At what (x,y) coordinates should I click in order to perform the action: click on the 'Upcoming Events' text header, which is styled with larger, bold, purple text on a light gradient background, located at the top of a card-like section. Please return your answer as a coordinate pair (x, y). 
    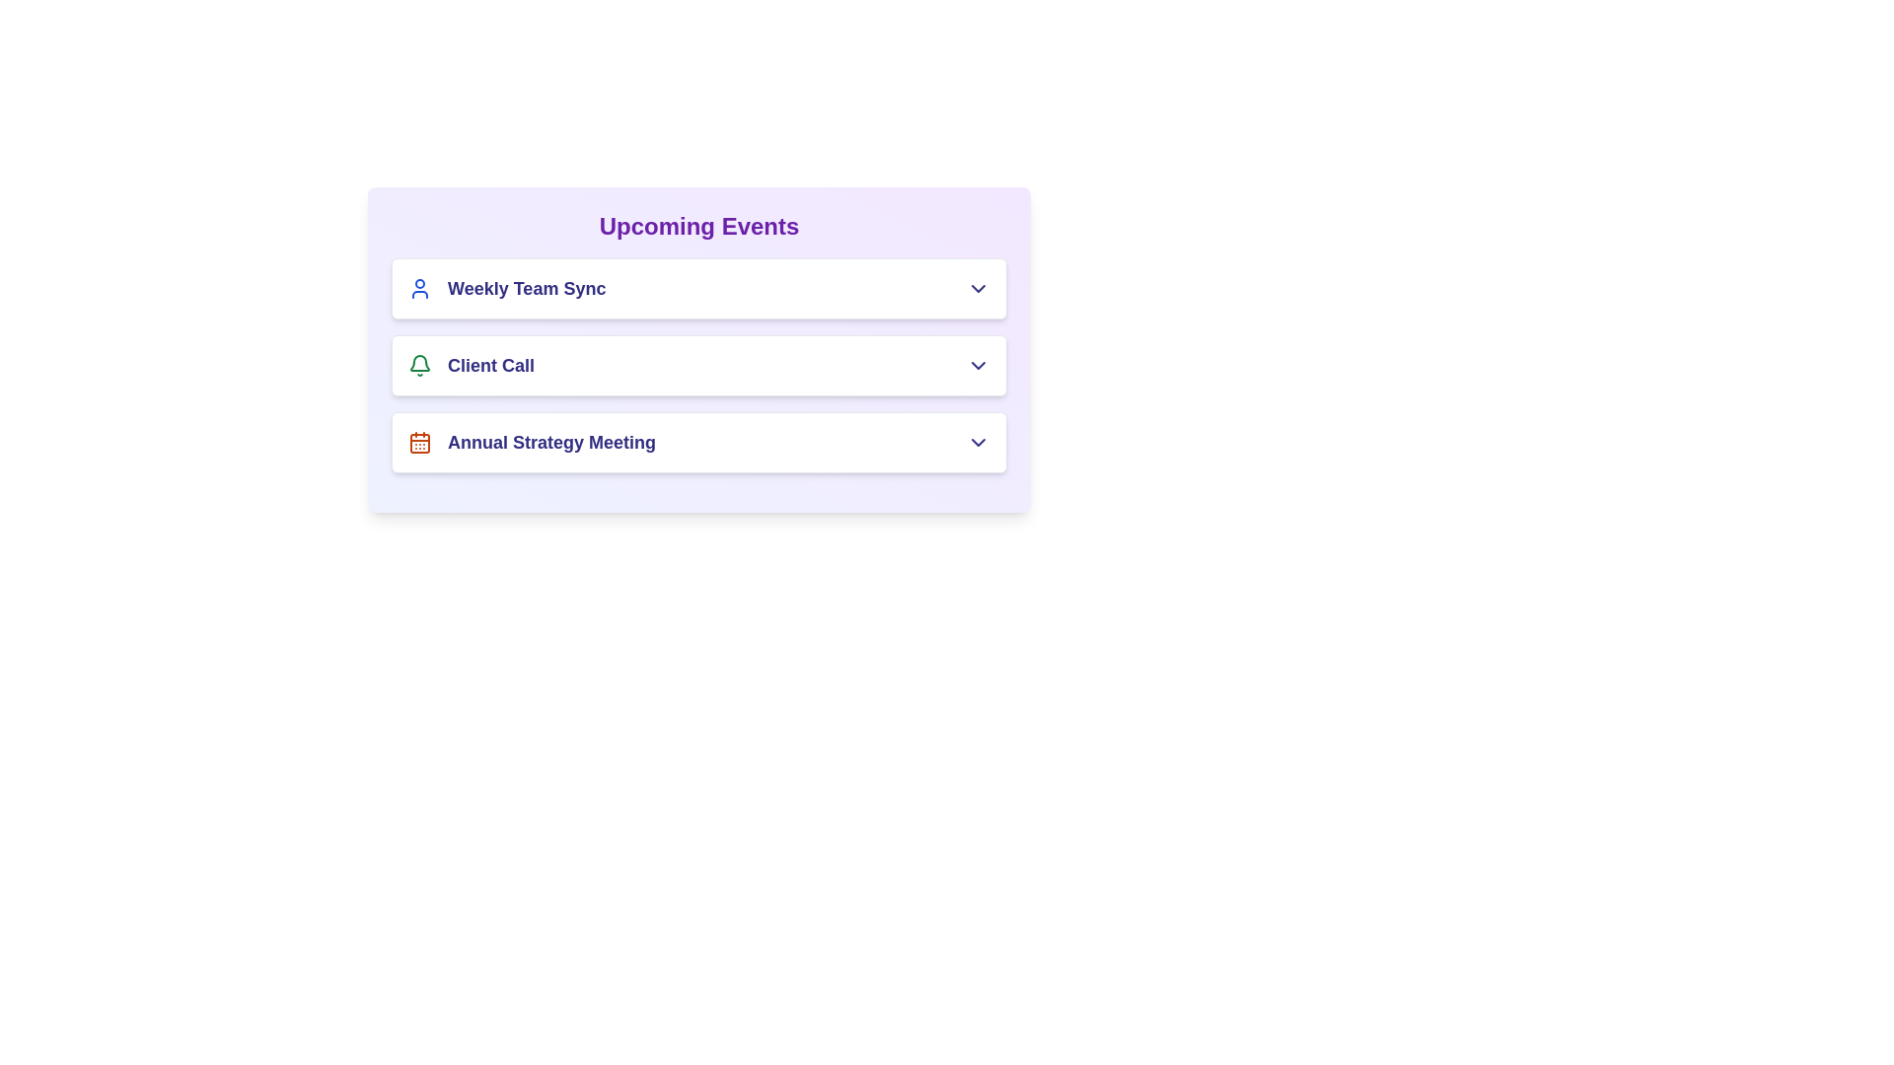
    Looking at the image, I should click on (699, 226).